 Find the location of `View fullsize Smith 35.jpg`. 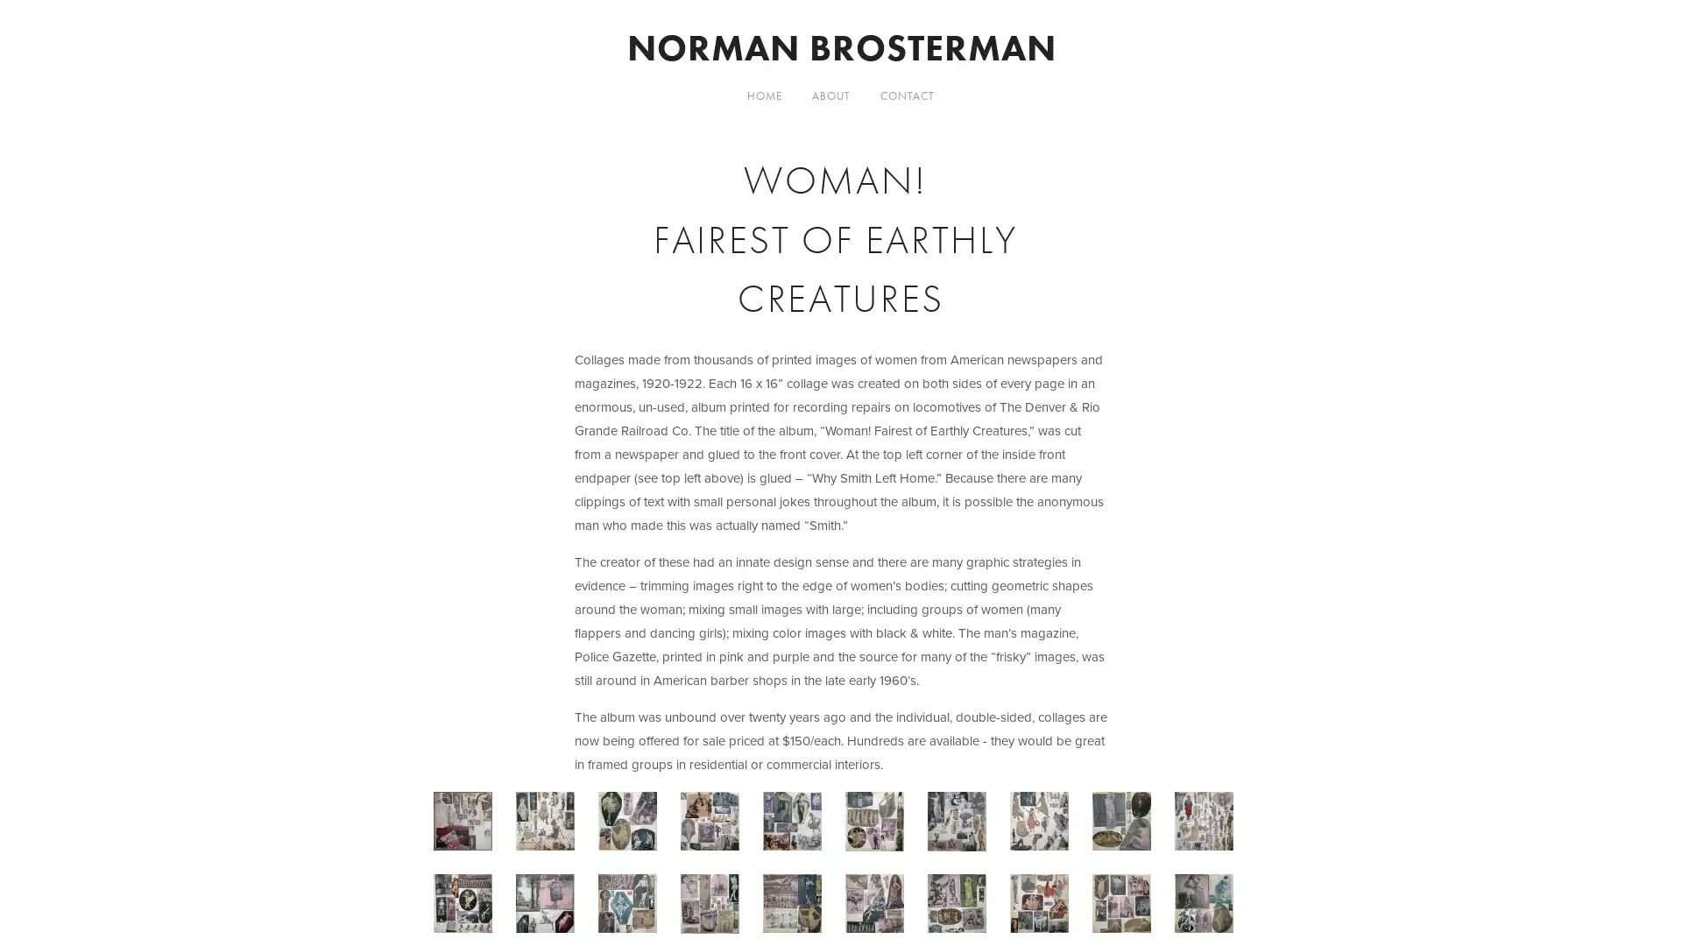

View fullsize Smith 35.jpg is located at coordinates (1210, 828).